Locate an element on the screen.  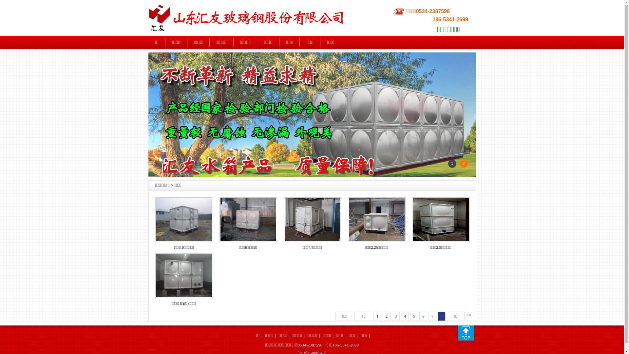
'7' is located at coordinates (432, 316).